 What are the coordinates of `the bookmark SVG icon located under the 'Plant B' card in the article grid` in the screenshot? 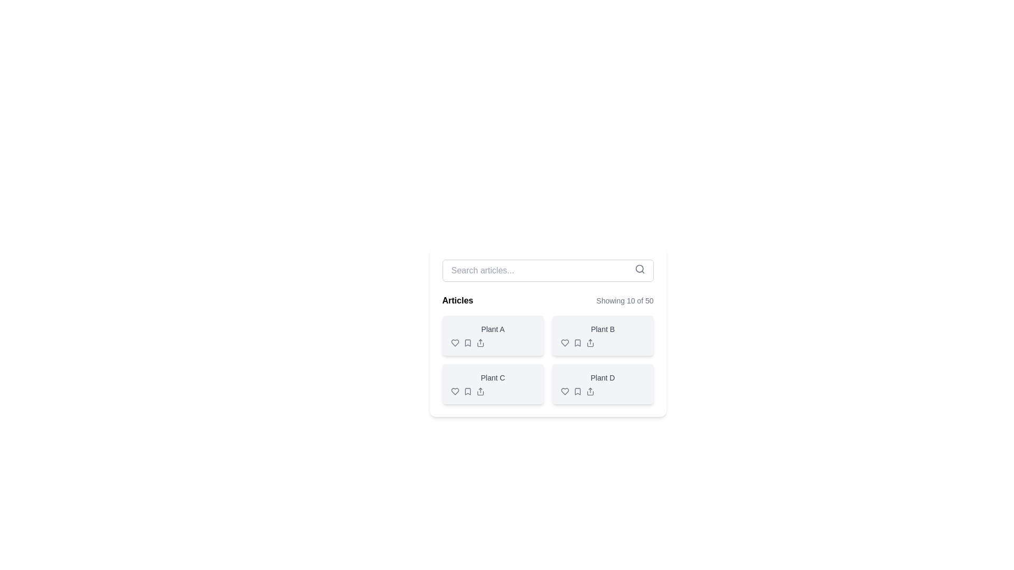 It's located at (577, 343).